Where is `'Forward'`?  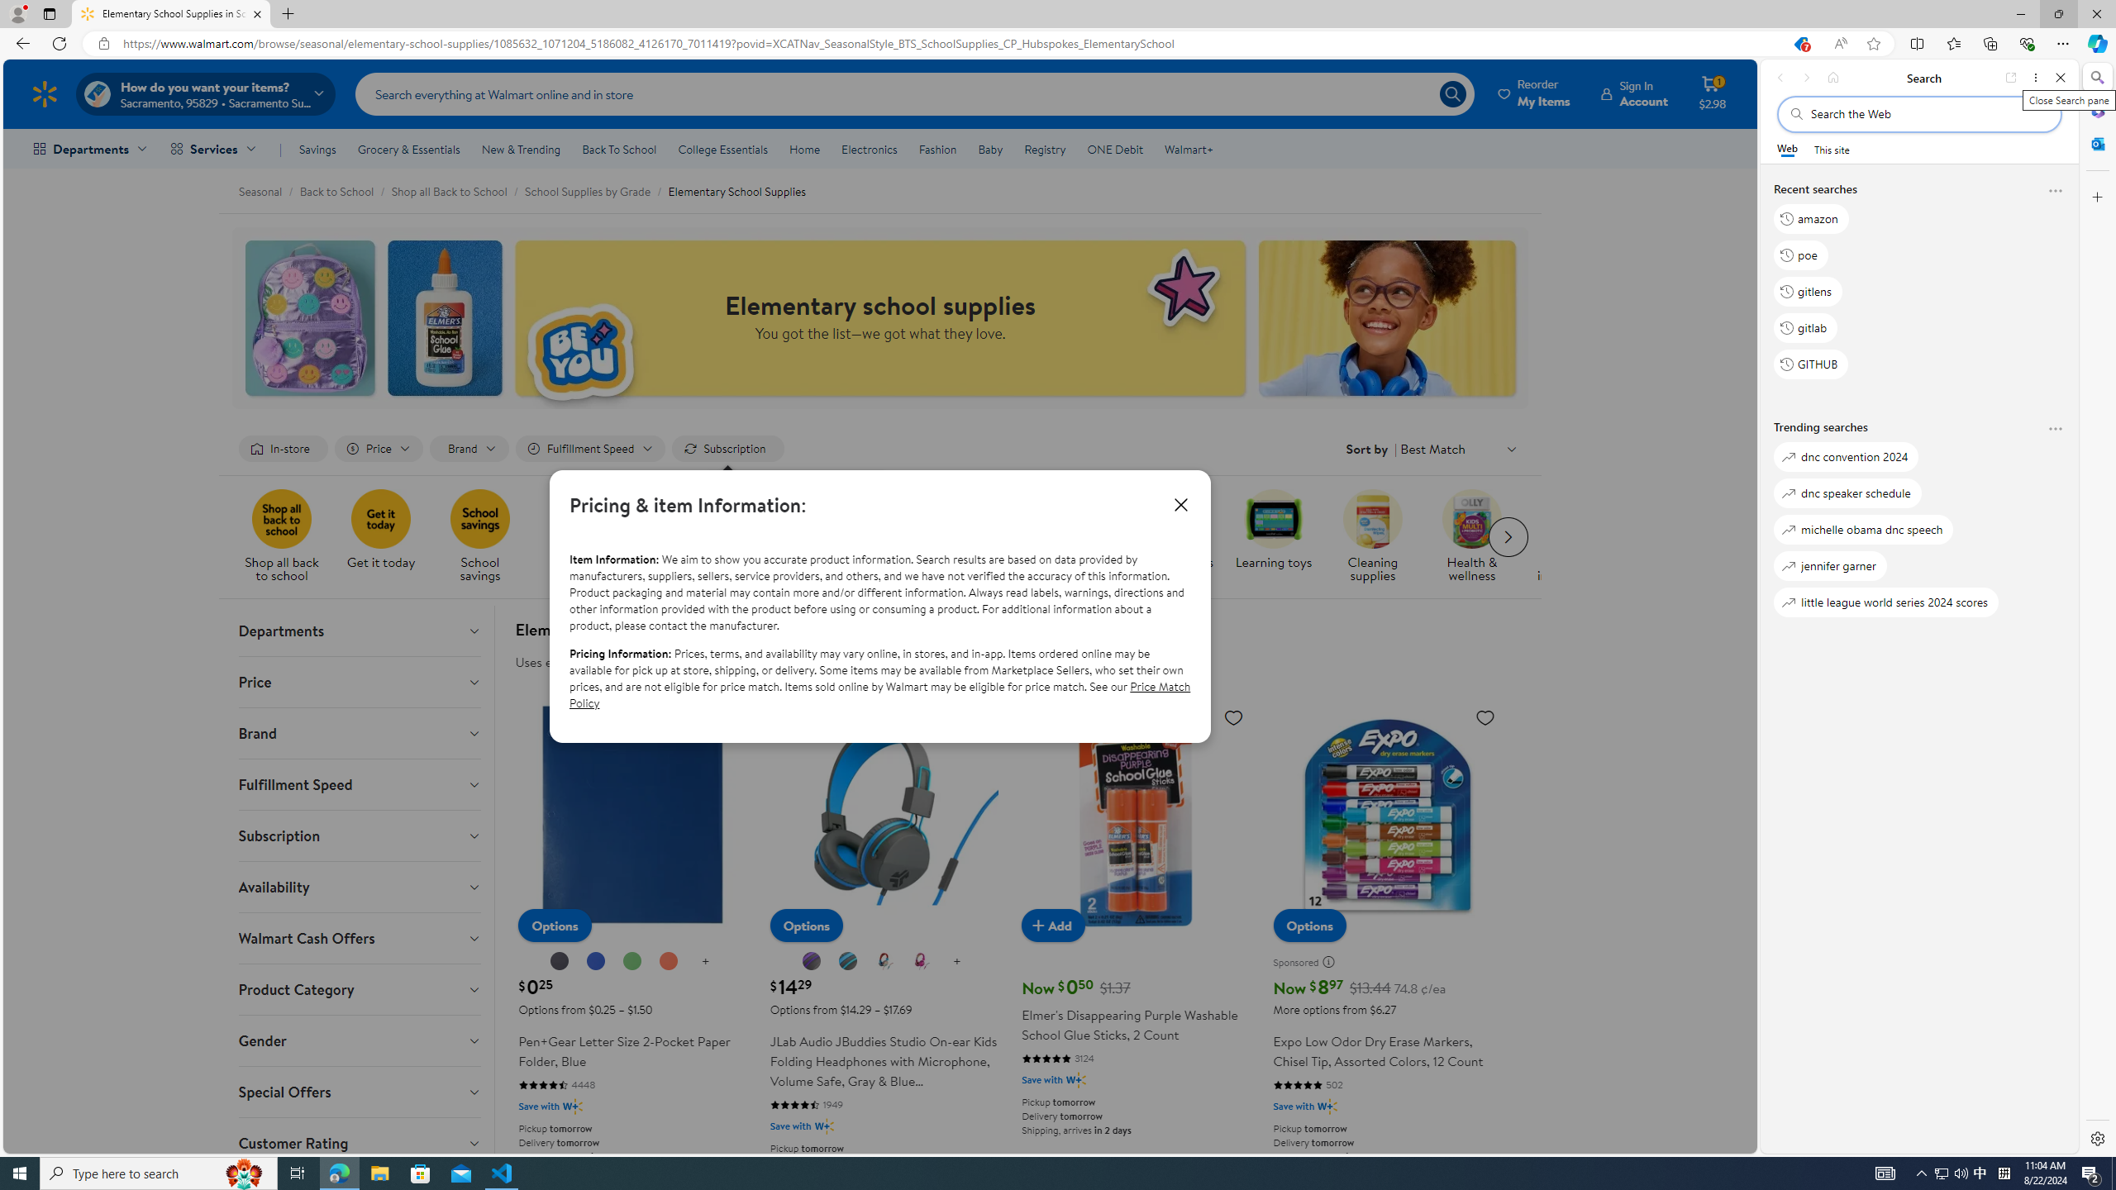
'Forward' is located at coordinates (1805, 77).